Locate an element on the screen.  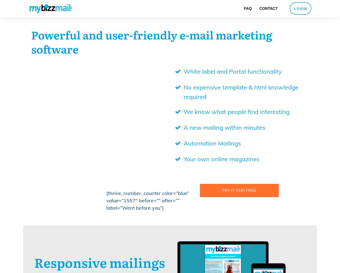
'[thrive_number_counter color=”blue” value=”1557″ before=”” after=”” label=”Went before you”]' is located at coordinates (148, 200).